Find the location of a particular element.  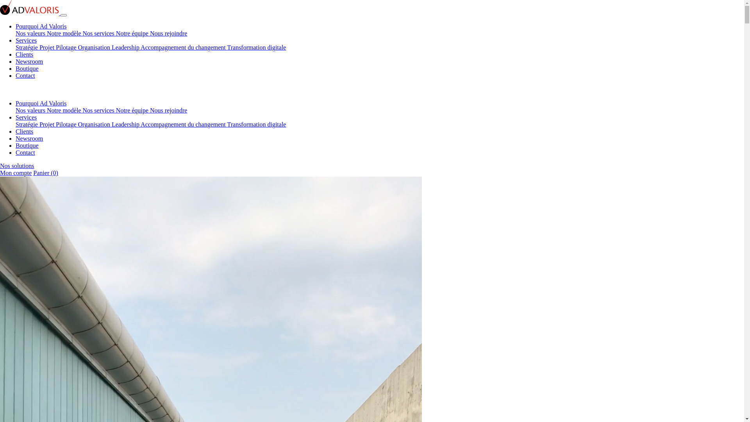

'Pilotage' is located at coordinates (67, 124).